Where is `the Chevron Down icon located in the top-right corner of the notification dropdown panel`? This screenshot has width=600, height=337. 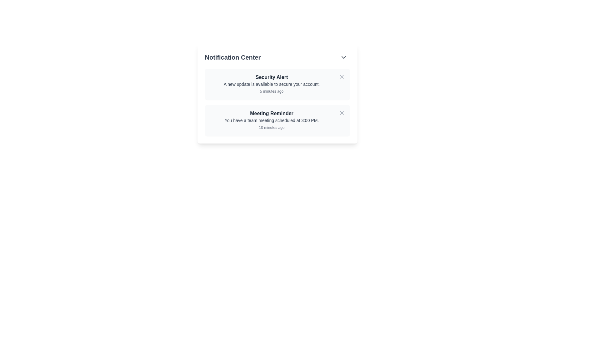
the Chevron Down icon located in the top-right corner of the notification dropdown panel is located at coordinates (343, 57).